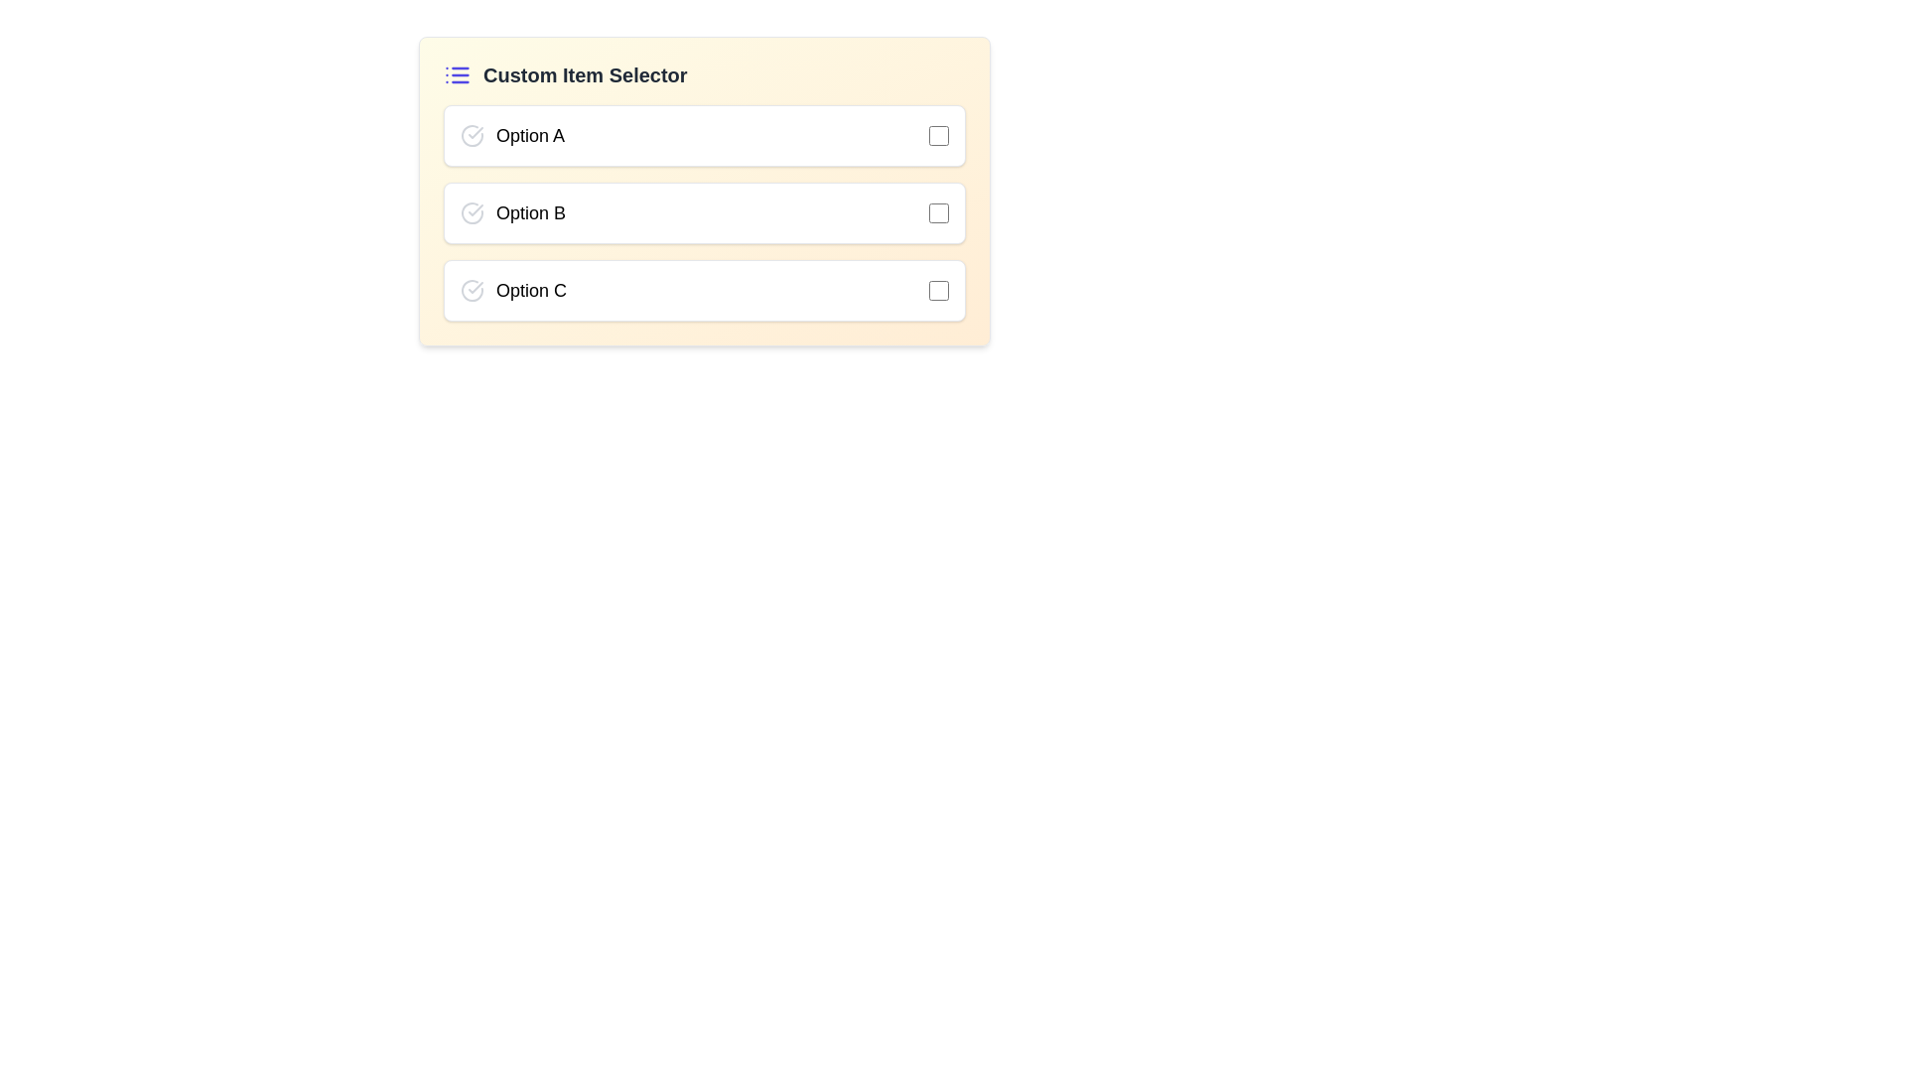 Image resolution: width=1906 pixels, height=1072 pixels. What do you see at coordinates (937, 213) in the screenshot?
I see `the checkbox for 'Option B' to observe the hover effects` at bounding box center [937, 213].